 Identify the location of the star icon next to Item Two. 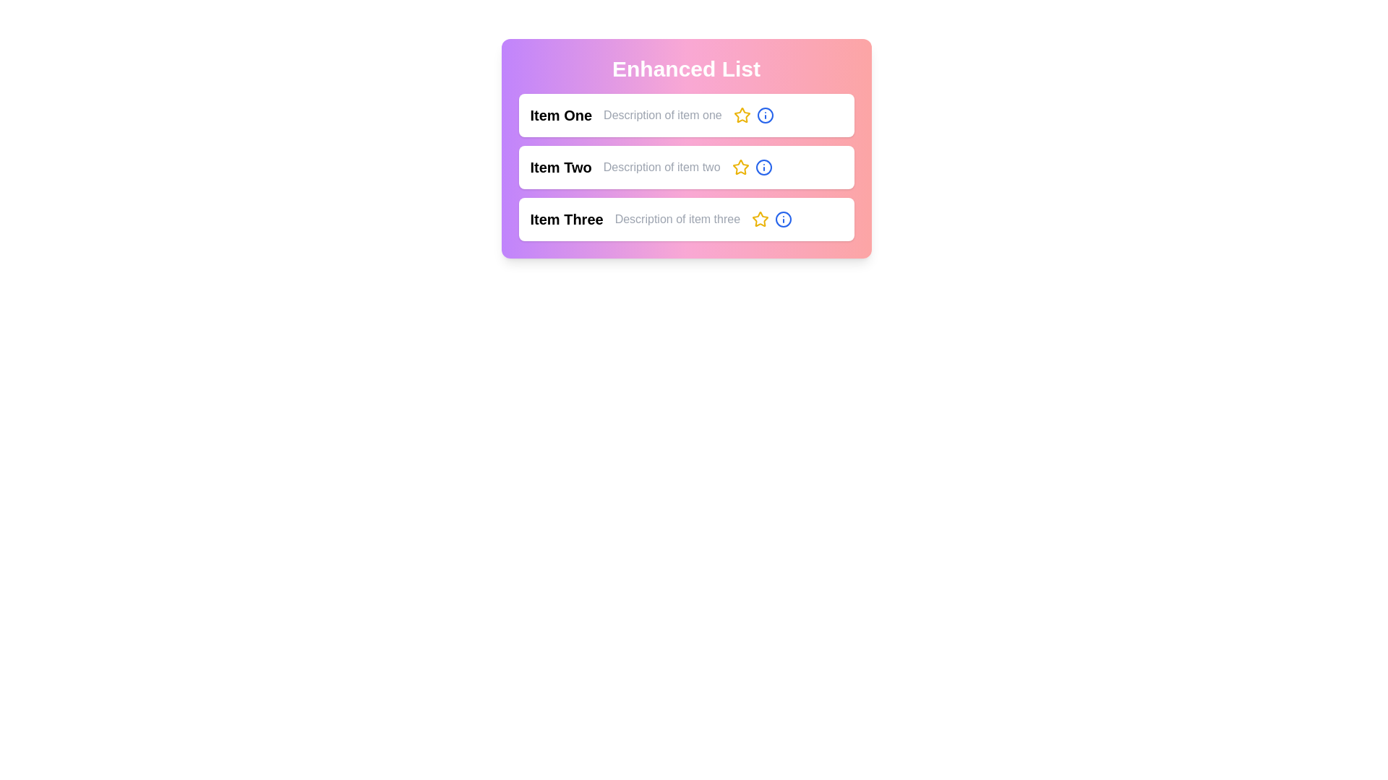
(740, 166).